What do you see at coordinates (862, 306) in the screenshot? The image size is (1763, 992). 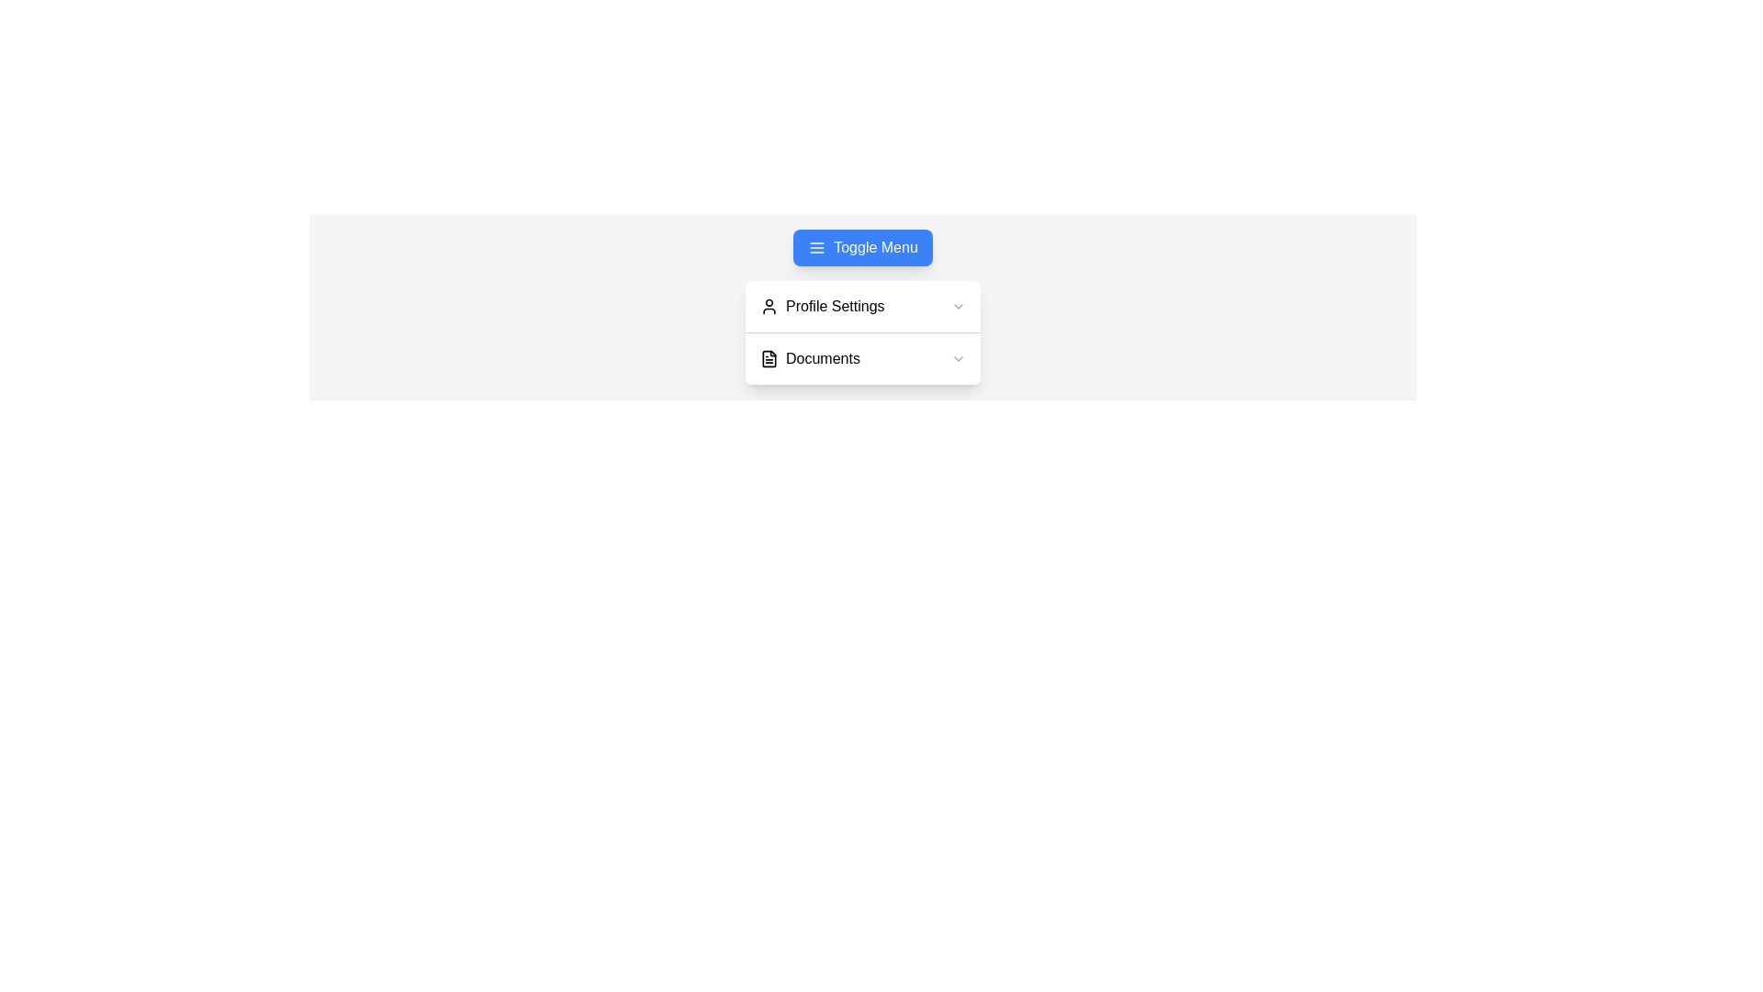 I see `the Clickable Menu Item that allows access to profile settings, located` at bounding box center [862, 306].